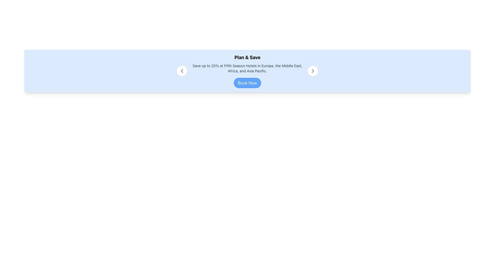 Image resolution: width=497 pixels, height=280 pixels. Describe the element at coordinates (247, 58) in the screenshot. I see `the prominent 'Plan & Save' text label displayed in bold and large font on a light blue background` at that location.